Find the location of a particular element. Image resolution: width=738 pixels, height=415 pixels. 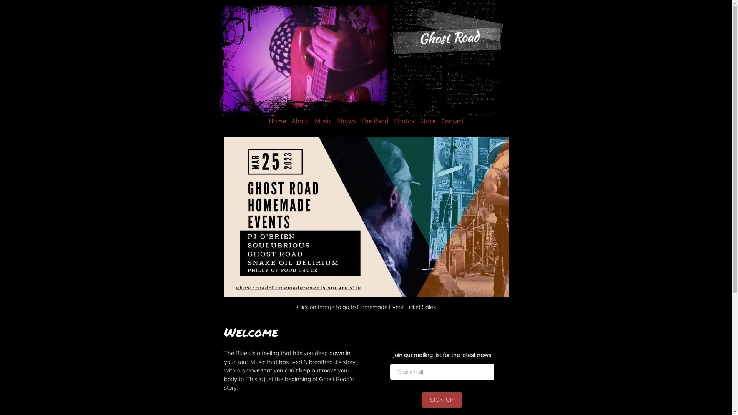

'Contact' is located at coordinates (452, 121).